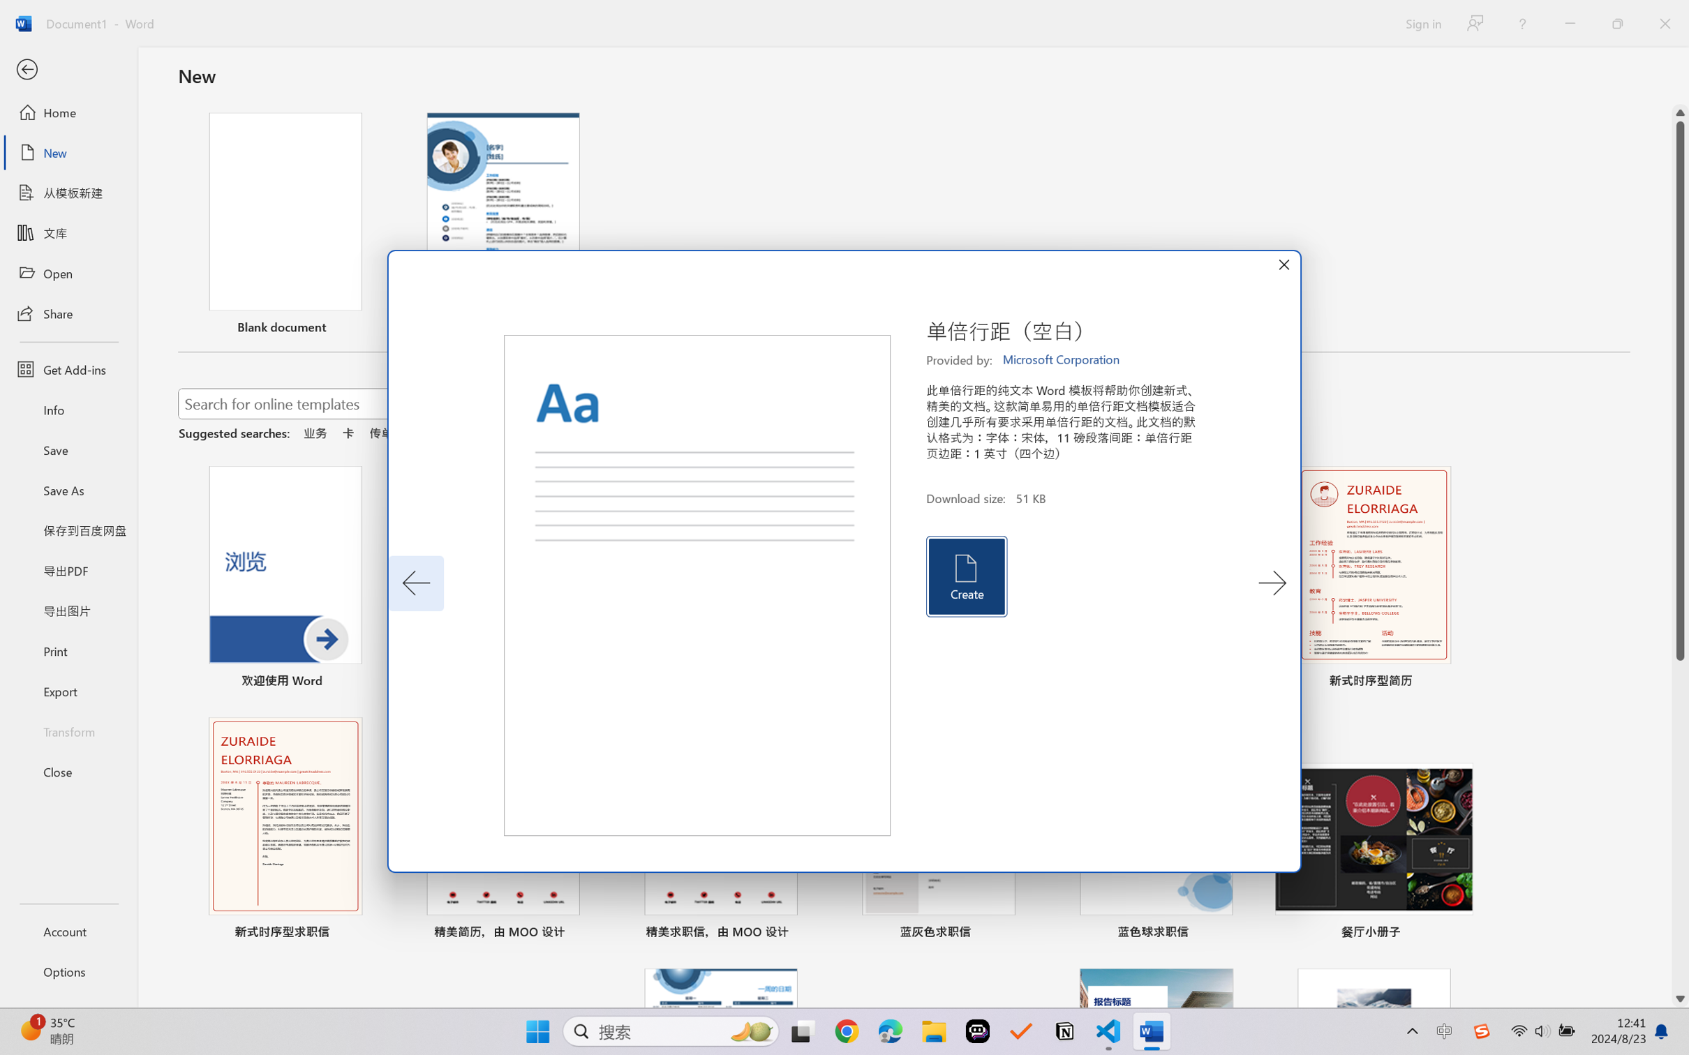 This screenshot has height=1055, width=1689. I want to click on 'Page down', so click(1680, 825).